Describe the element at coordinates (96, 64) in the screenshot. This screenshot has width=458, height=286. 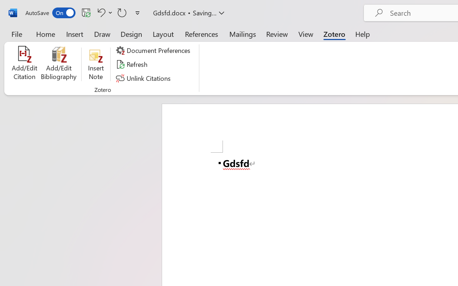
I see `'Insert Note'` at that location.